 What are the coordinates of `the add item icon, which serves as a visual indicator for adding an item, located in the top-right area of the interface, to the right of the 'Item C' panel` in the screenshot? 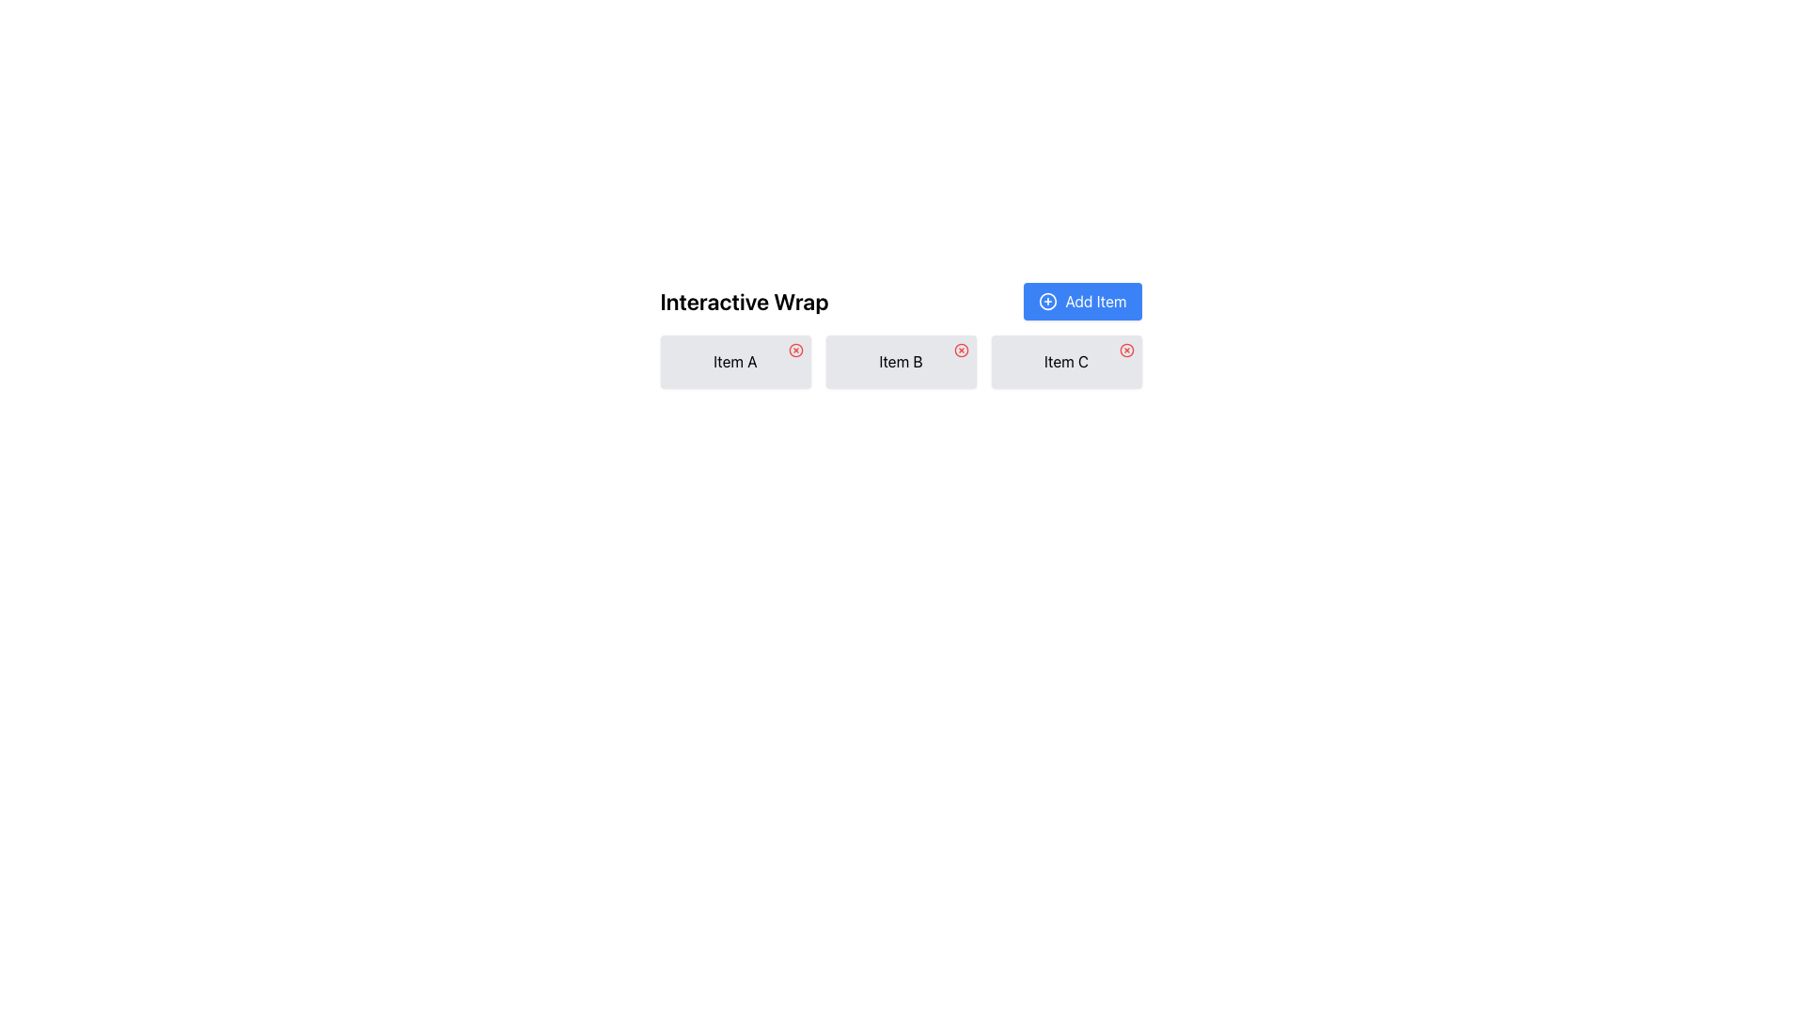 It's located at (1047, 300).